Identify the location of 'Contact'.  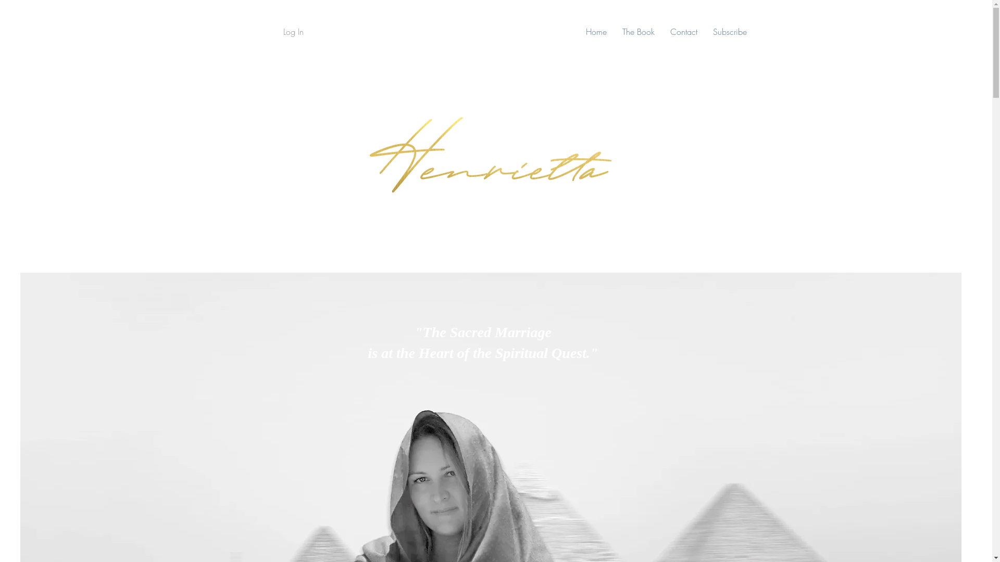
(684, 31).